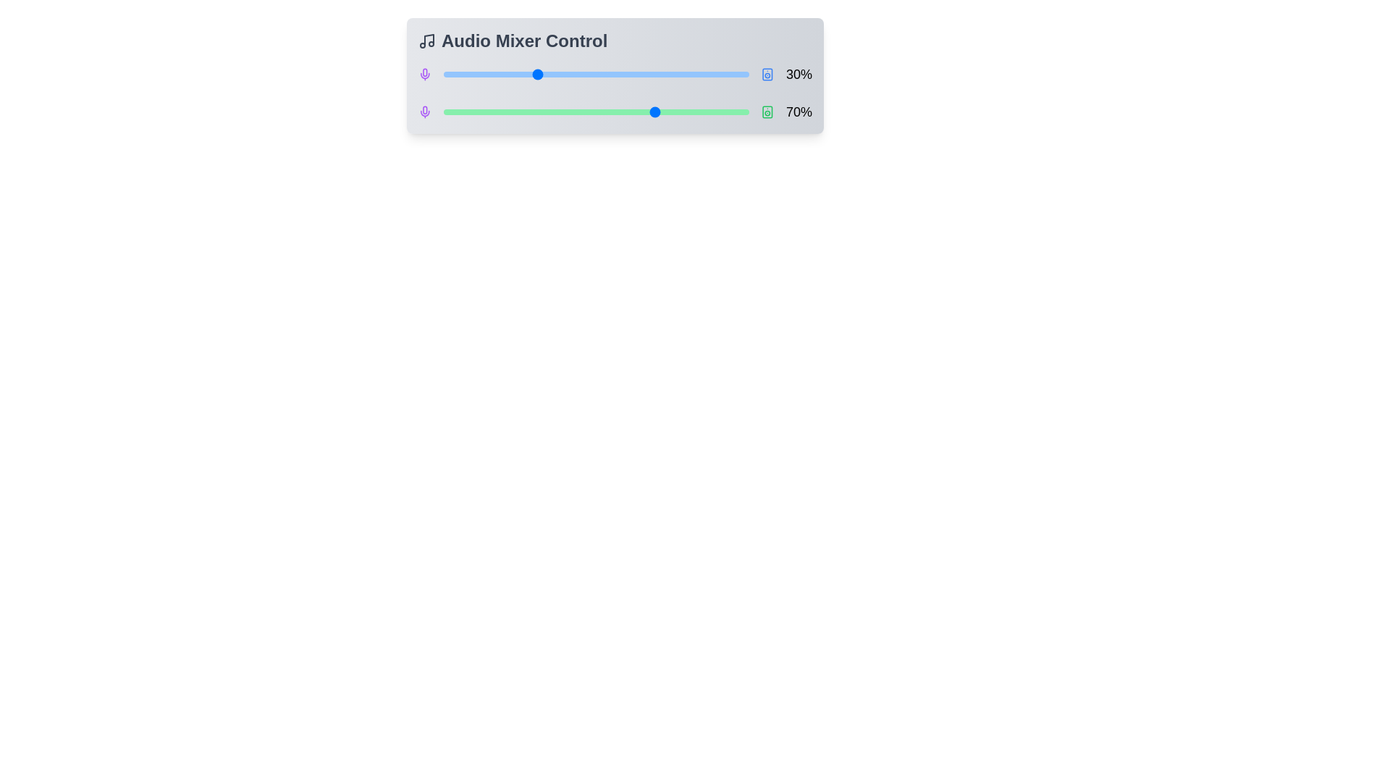 The height and width of the screenshot is (782, 1390). I want to click on the knob of the audio level range slider located in the second row of controls, positioned between a microphone icon and a '70%' label, so click(597, 111).